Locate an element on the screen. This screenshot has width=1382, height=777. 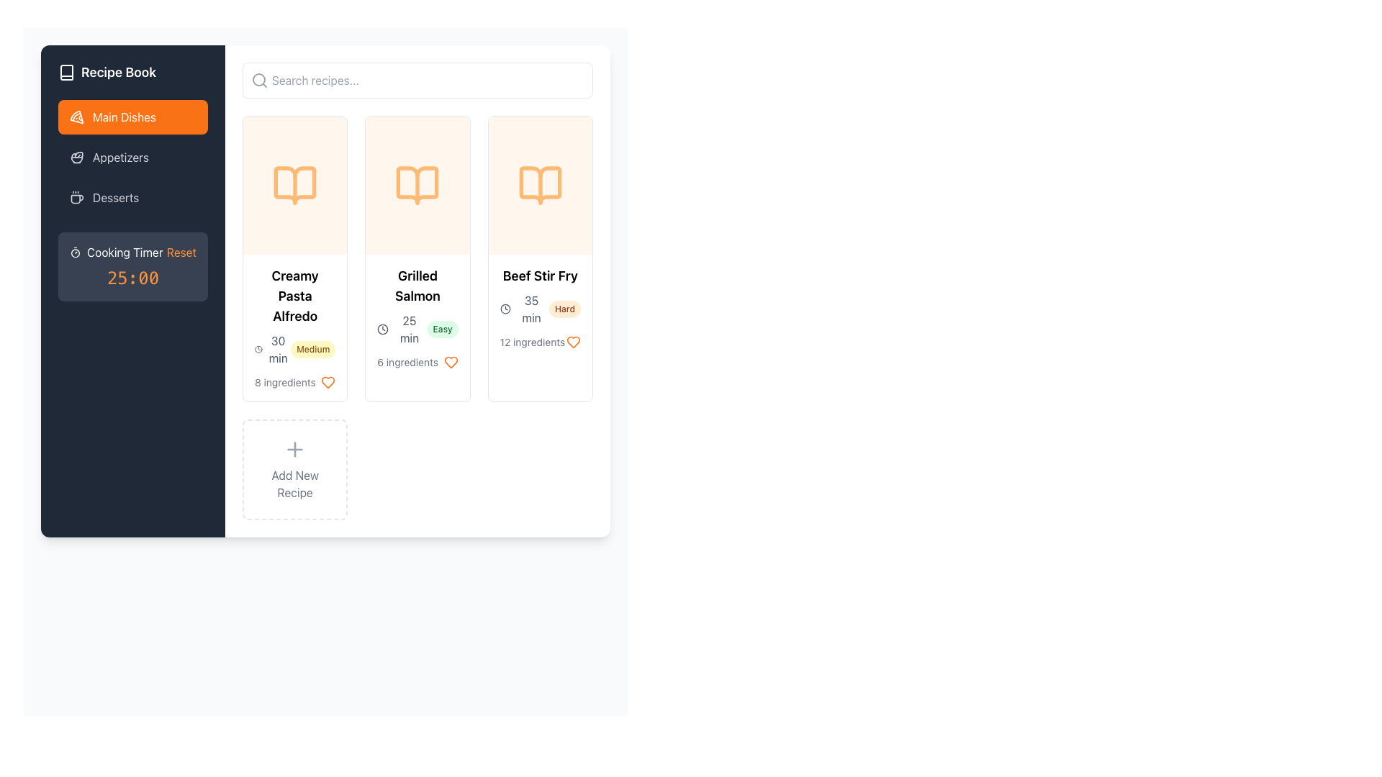
the IconPlaceholder representing the recipe card for 'Creamy Pasta Alfredo', located at the top of the card, above the title and details is located at coordinates (294, 185).